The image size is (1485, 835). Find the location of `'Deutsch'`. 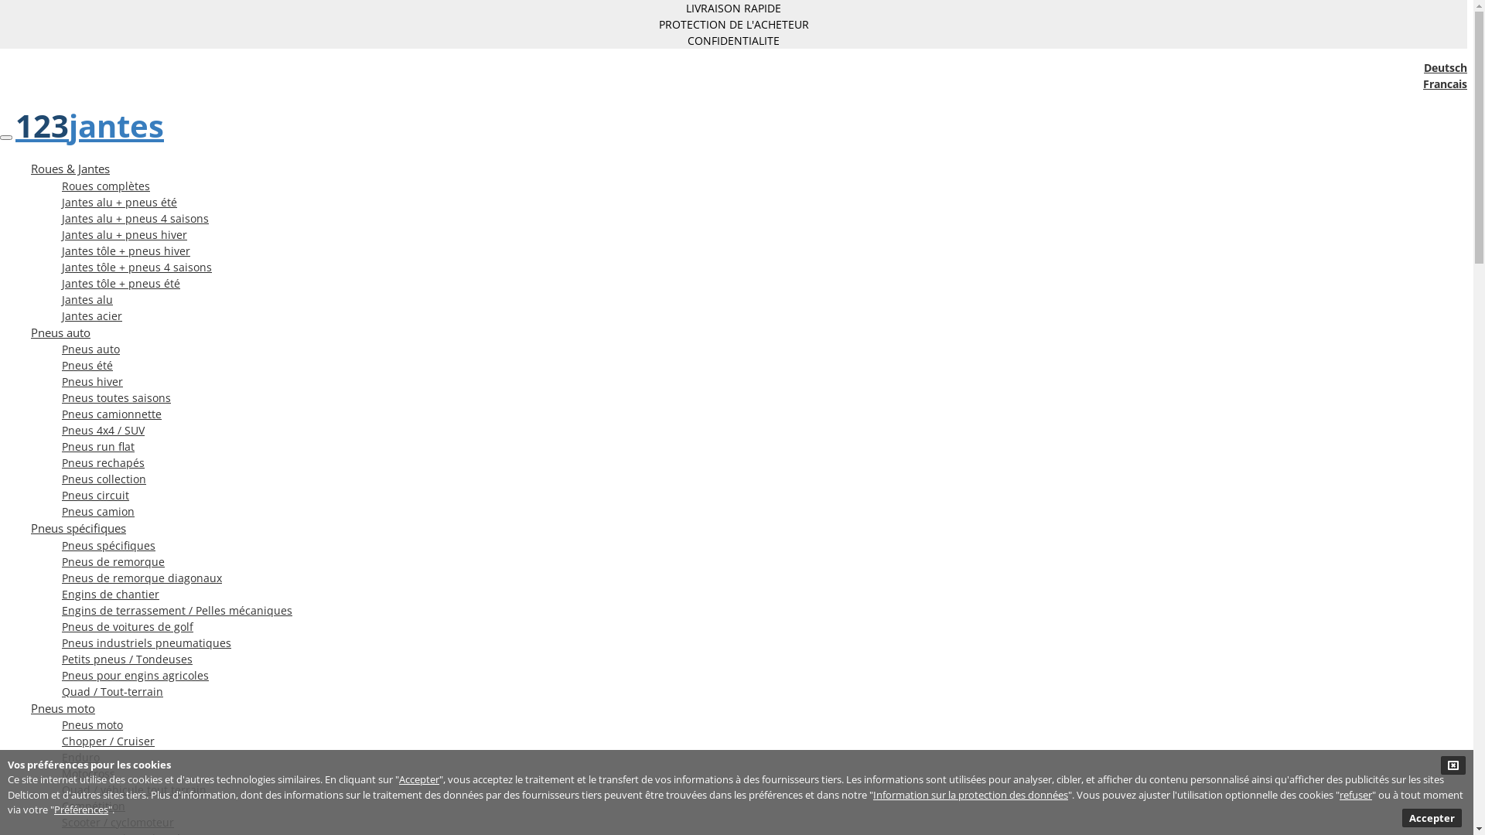

'Deutsch' is located at coordinates (1444, 66).